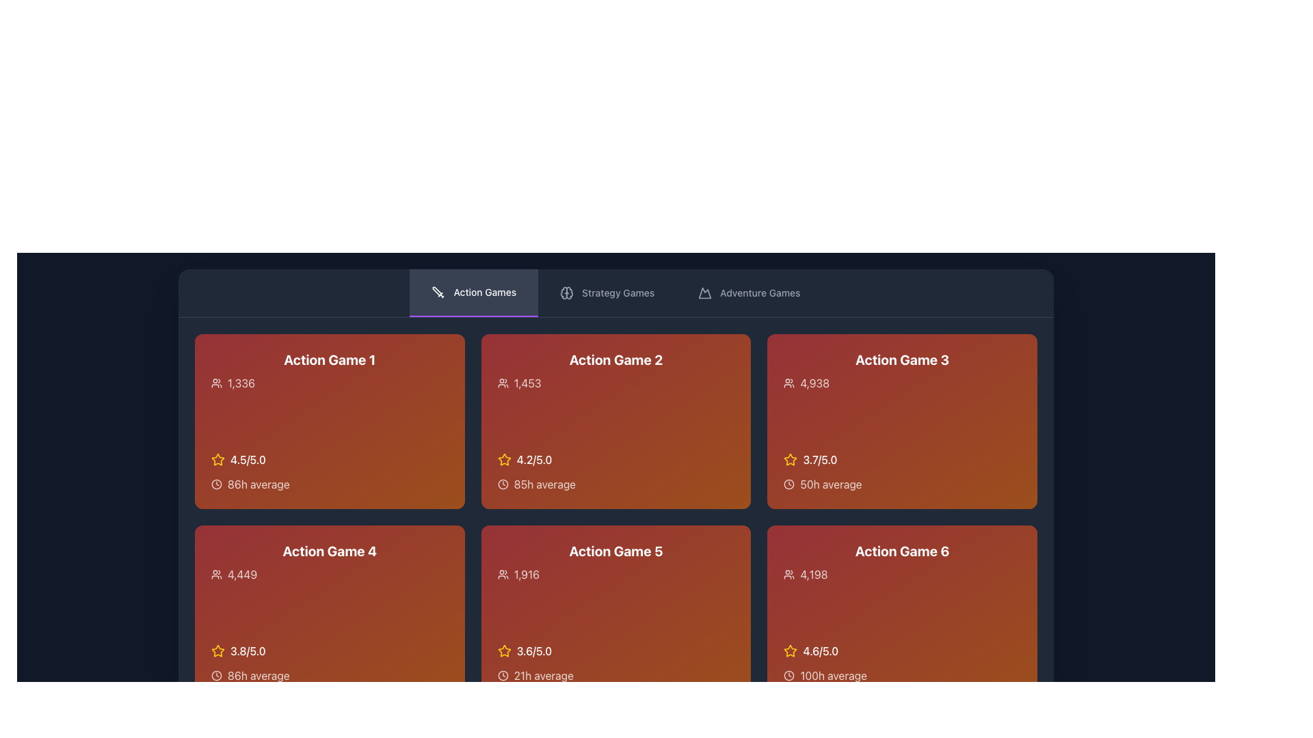  I want to click on the star icon with a hollow center and yellow outline located at the bottom left of the 'Action Game 1' card, above the game's rating '4.5/5.0', so click(217, 650).